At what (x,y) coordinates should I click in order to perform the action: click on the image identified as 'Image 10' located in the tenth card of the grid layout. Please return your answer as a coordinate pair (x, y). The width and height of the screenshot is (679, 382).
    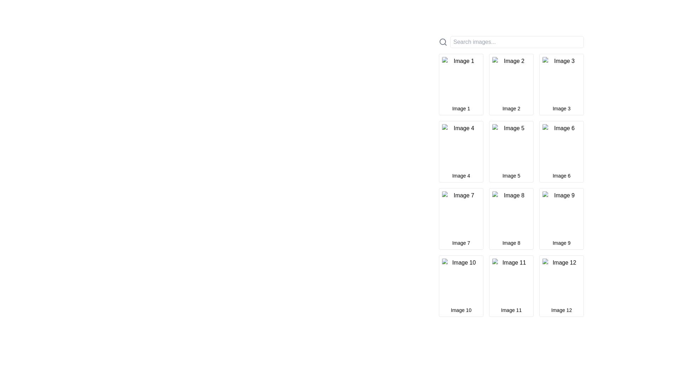
    Looking at the image, I should click on (461, 280).